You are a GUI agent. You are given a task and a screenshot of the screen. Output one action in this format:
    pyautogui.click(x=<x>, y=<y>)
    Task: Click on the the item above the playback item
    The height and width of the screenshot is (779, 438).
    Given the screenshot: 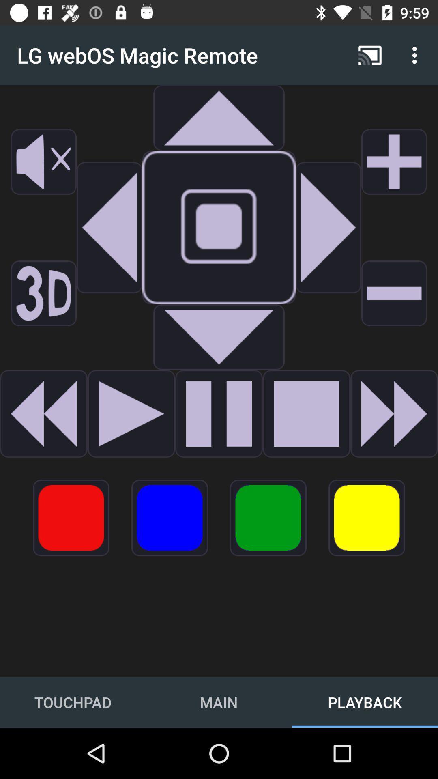 What is the action you would take?
    pyautogui.click(x=367, y=517)
    